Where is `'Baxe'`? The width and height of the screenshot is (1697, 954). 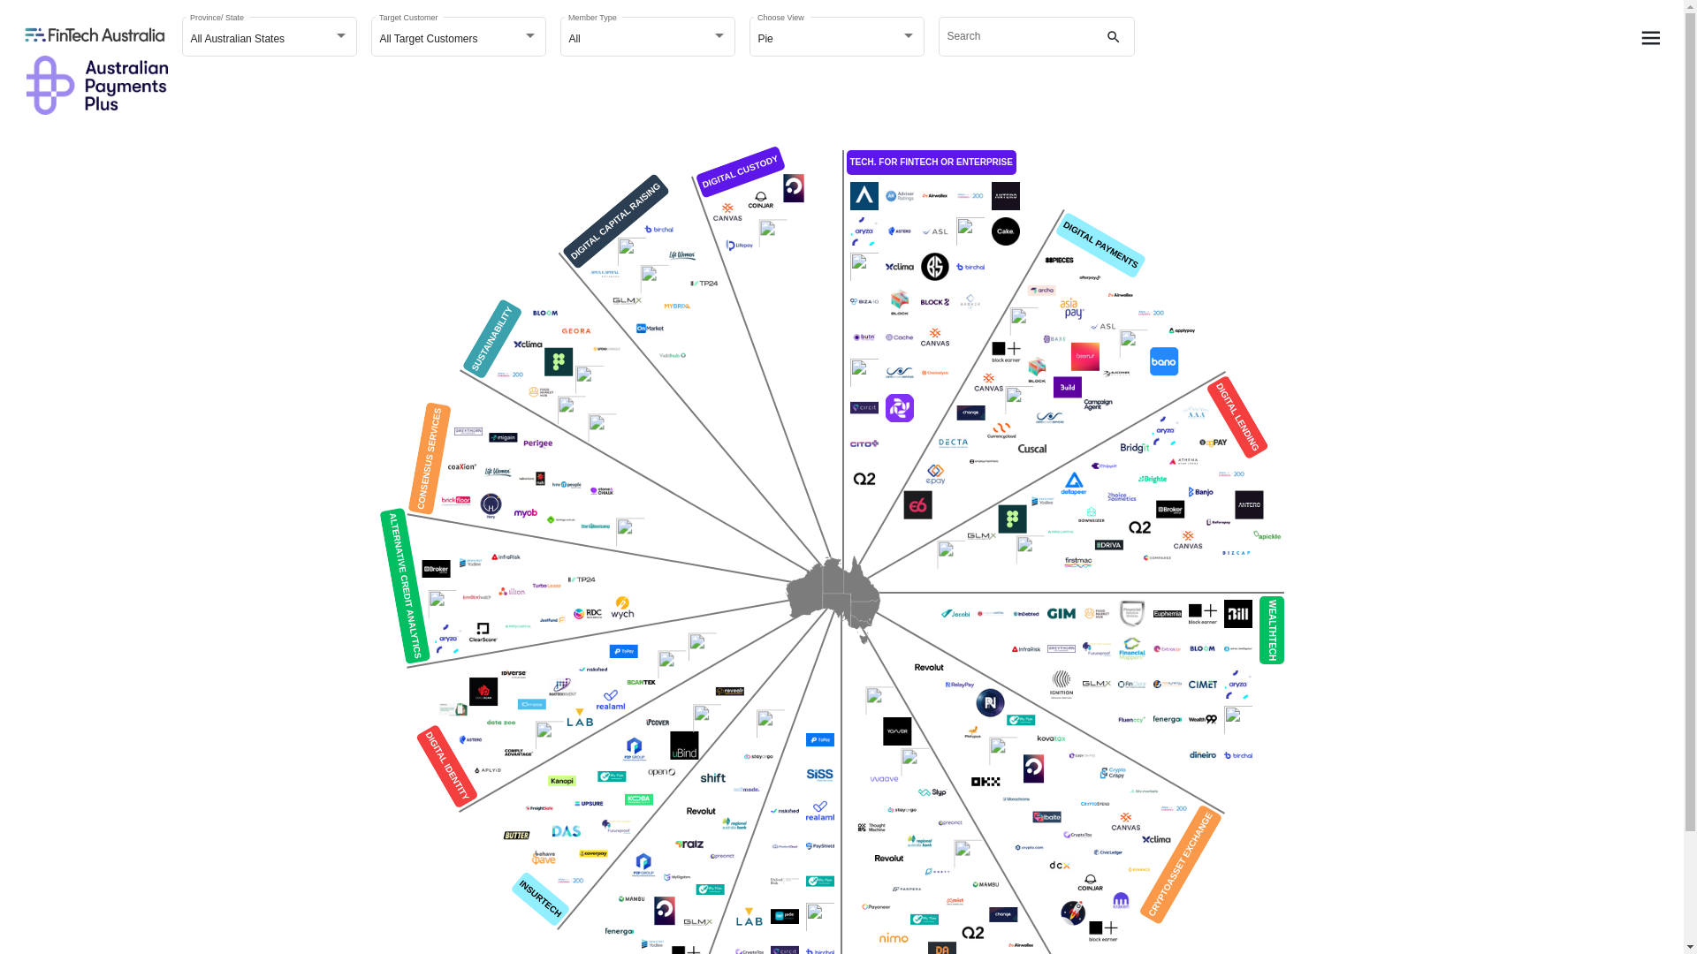 'Baxe' is located at coordinates (1054, 339).